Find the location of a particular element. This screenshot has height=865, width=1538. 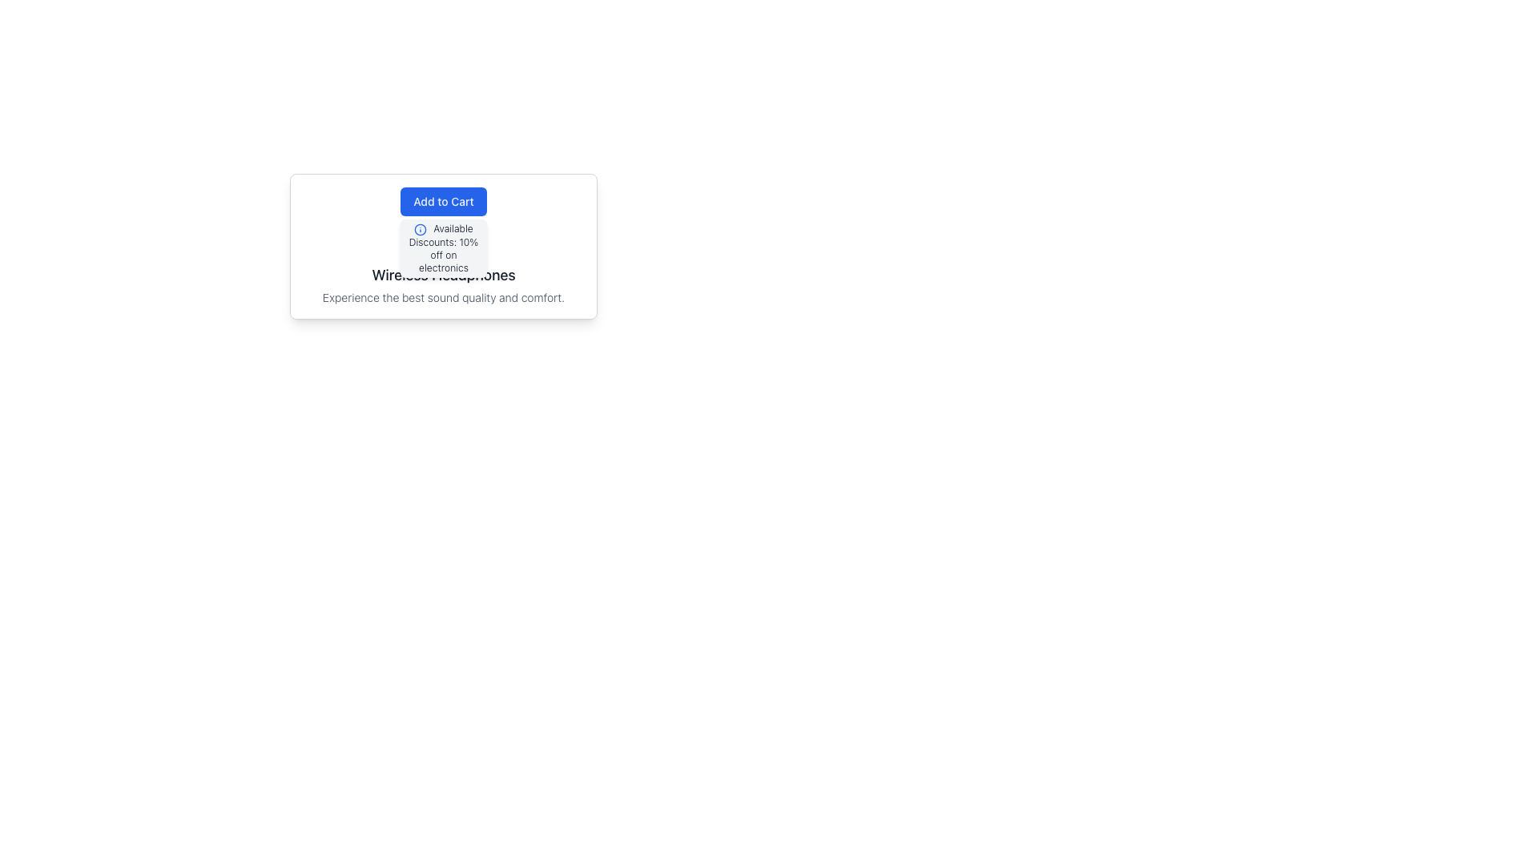

the tooltip that provides additional details regarding the 'Add to Cart' action, which is located directly below the 'Add to Cart' button is located at coordinates (443, 247).